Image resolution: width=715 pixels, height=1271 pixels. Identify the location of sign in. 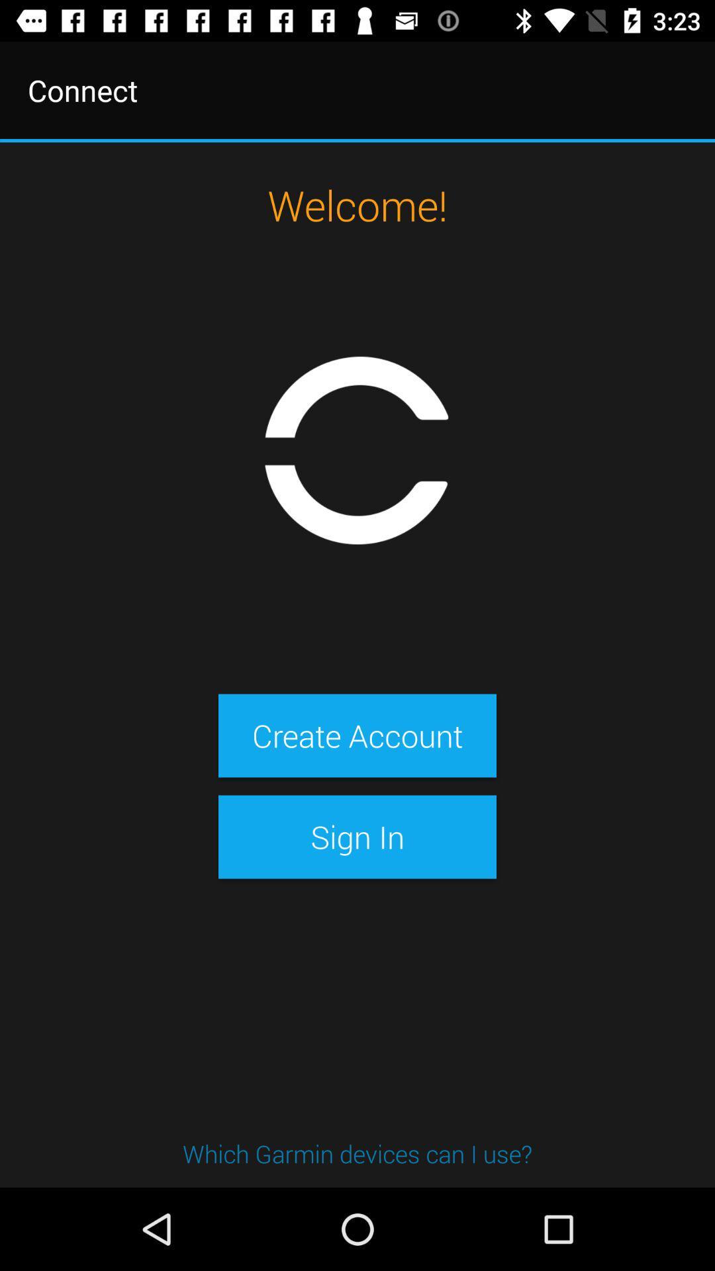
(358, 836).